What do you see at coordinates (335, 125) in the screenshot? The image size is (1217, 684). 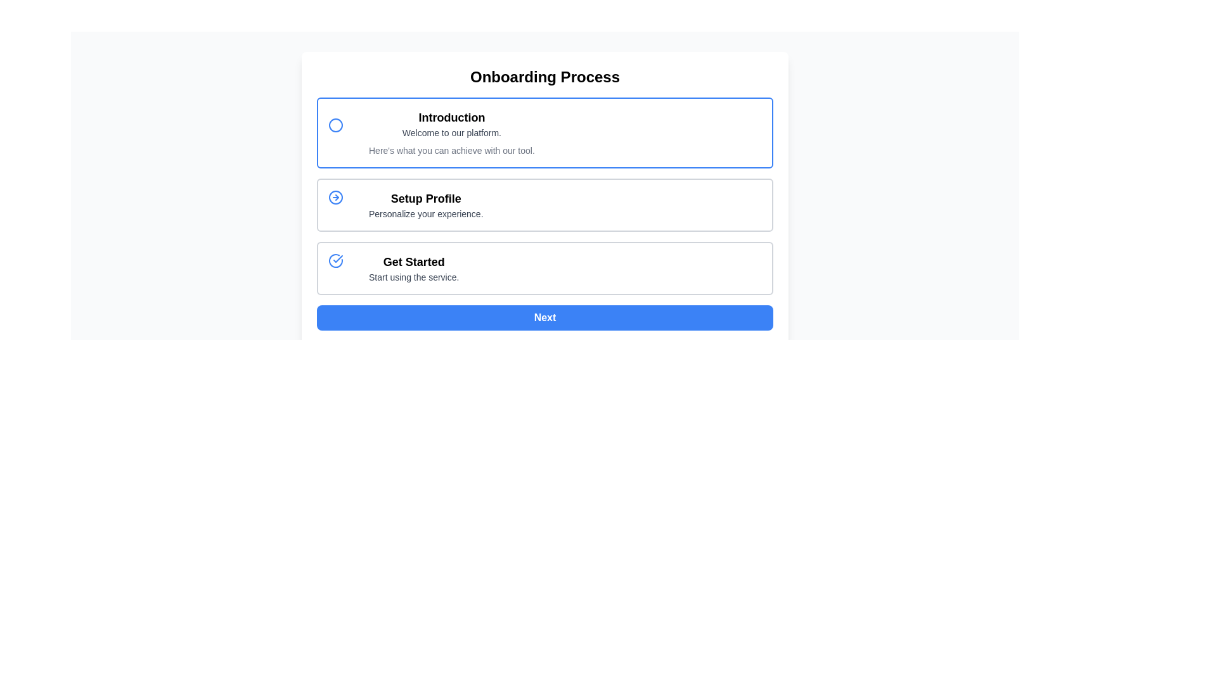 I see `the circular icon with a blue border located at the top-left of the 'Introduction' section in the onboarding process interface` at bounding box center [335, 125].